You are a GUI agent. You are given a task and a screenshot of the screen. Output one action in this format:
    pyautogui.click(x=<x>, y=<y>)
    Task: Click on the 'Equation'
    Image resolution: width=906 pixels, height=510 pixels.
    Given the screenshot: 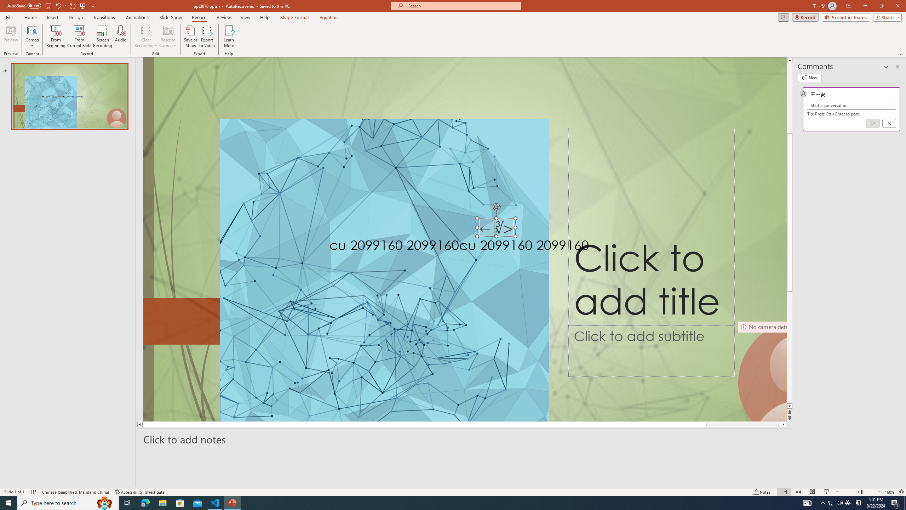 What is the action you would take?
    pyautogui.click(x=329, y=17)
    